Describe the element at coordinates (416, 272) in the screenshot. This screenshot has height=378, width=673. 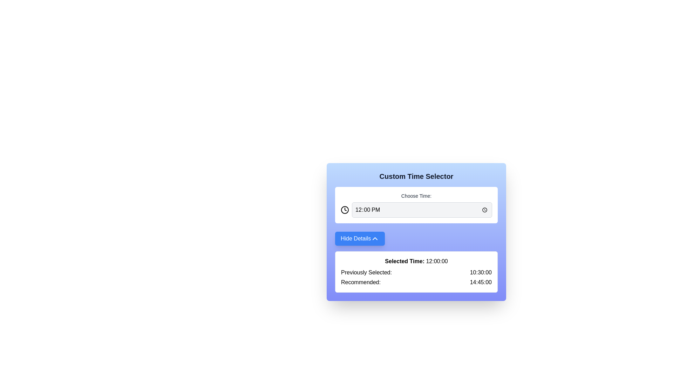
I see `the text display element labeled 'Previously Selected:' with the time '10:30:00' for accessibility tools` at that location.